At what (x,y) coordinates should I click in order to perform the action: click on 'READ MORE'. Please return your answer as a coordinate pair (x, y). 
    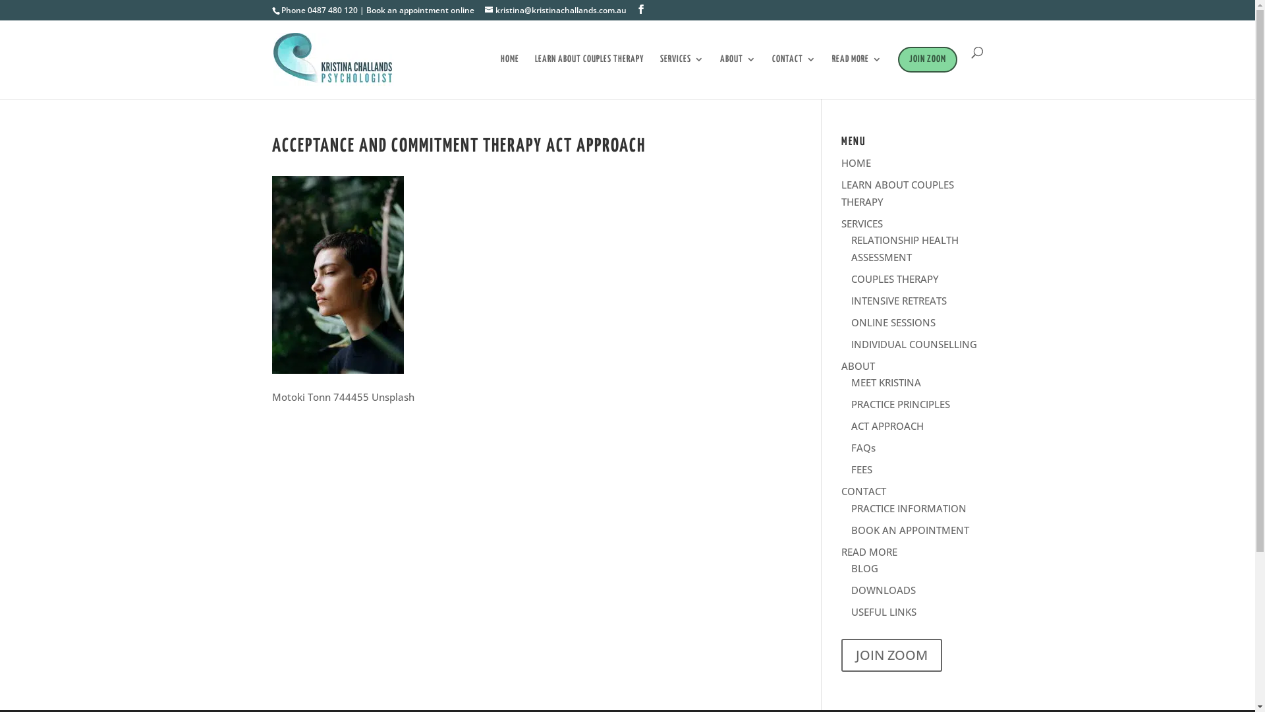
    Looking at the image, I should click on (869, 551).